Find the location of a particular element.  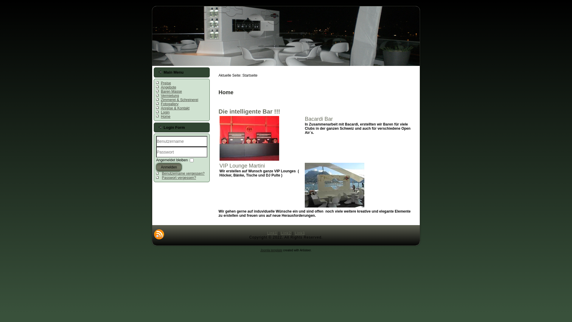

'Vermietung' is located at coordinates (170, 95).